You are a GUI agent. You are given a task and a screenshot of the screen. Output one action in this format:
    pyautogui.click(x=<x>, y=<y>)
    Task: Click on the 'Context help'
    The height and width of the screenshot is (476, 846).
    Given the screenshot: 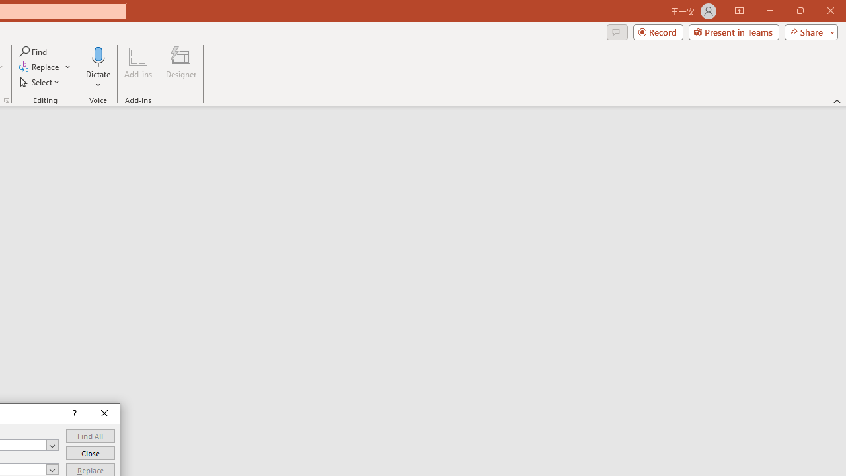 What is the action you would take?
    pyautogui.click(x=73, y=413)
    